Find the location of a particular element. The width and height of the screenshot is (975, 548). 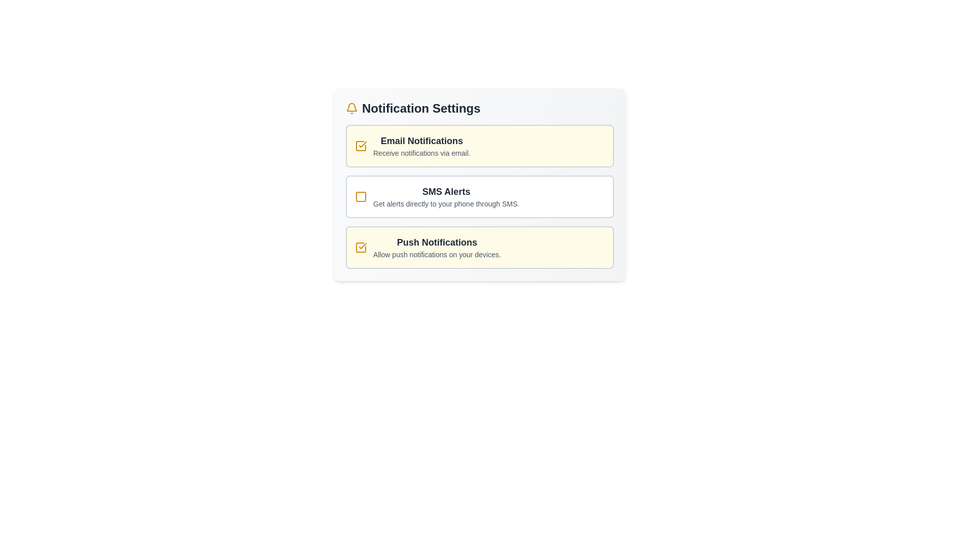

the Text Label that displays 'Email Notifications' with a description of 'Receive notifications via email.' located in the Notification Settings section is located at coordinates (421, 146).